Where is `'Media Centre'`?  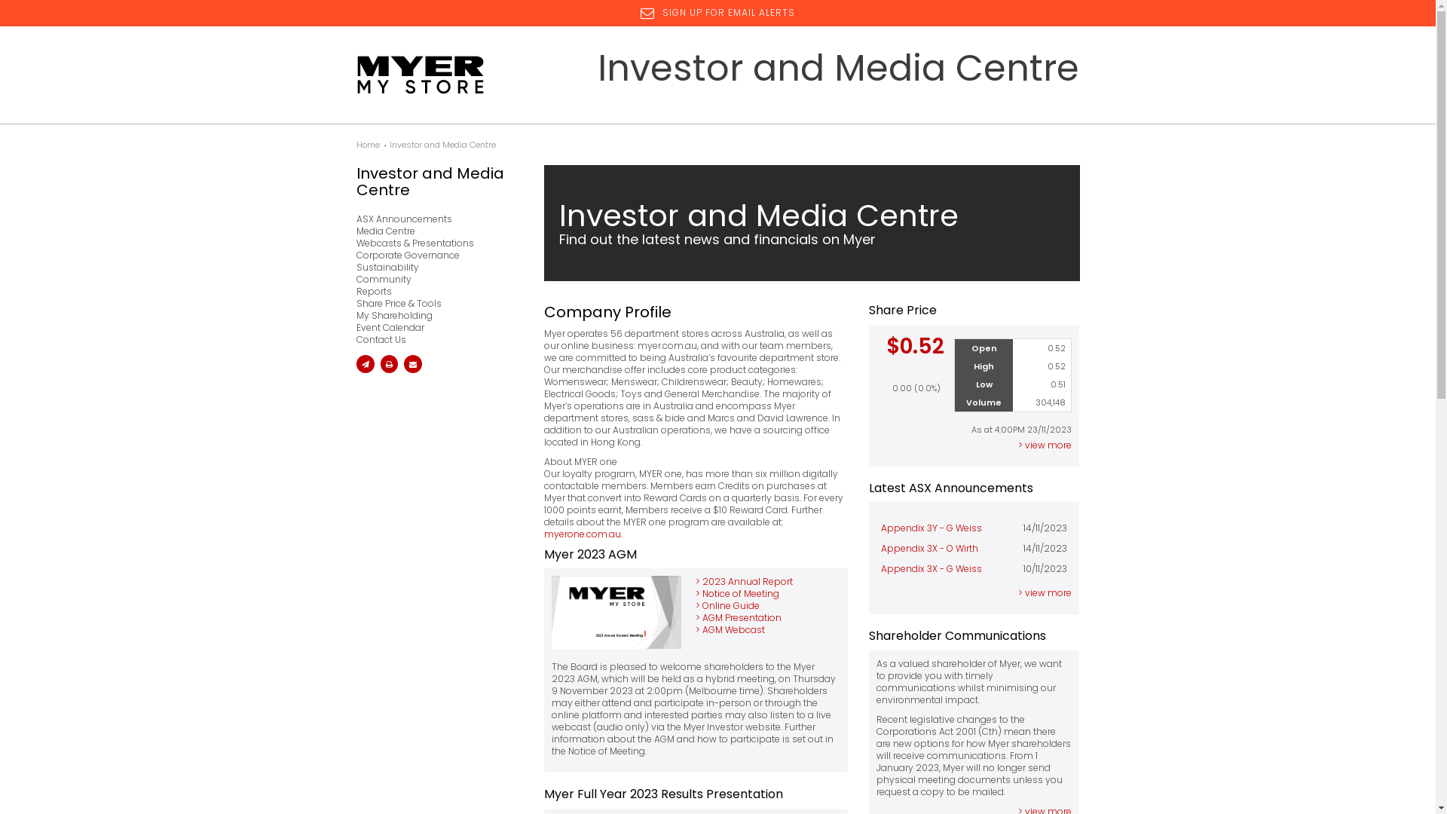
'Media Centre' is located at coordinates (434, 231).